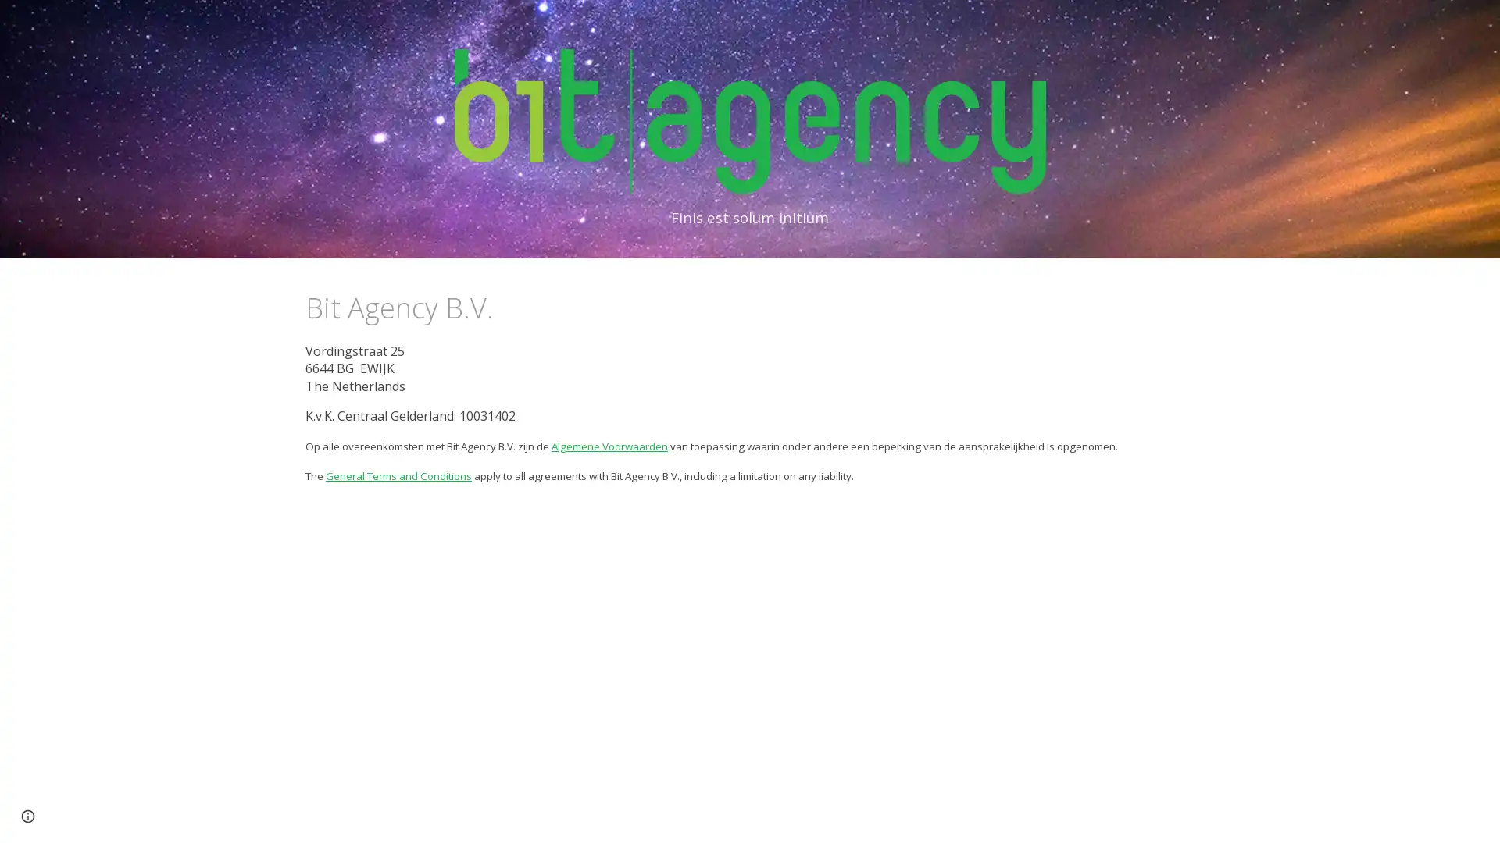  What do you see at coordinates (890, 29) in the screenshot?
I see `Skip to navigation` at bounding box center [890, 29].